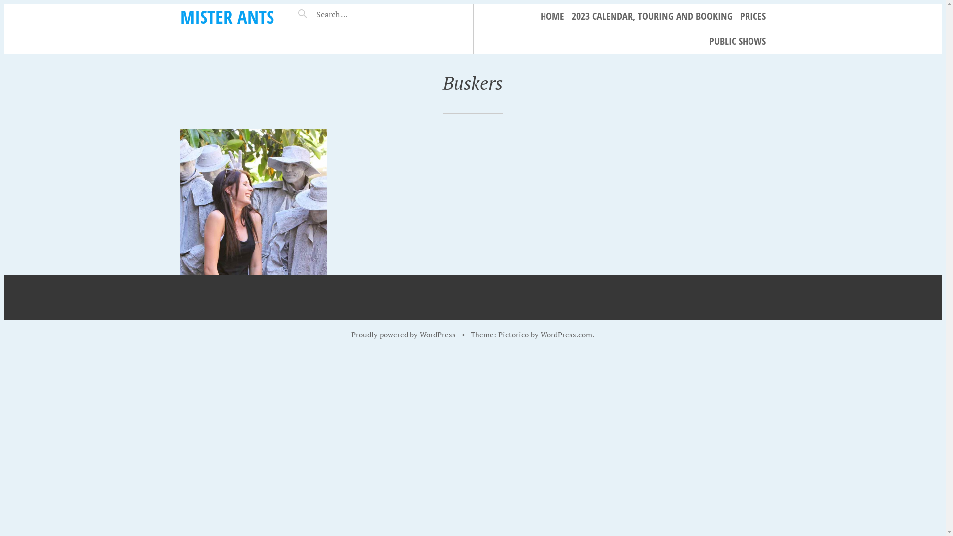 The width and height of the screenshot is (953, 536). I want to click on 'MISTER ANTS', so click(226, 16).